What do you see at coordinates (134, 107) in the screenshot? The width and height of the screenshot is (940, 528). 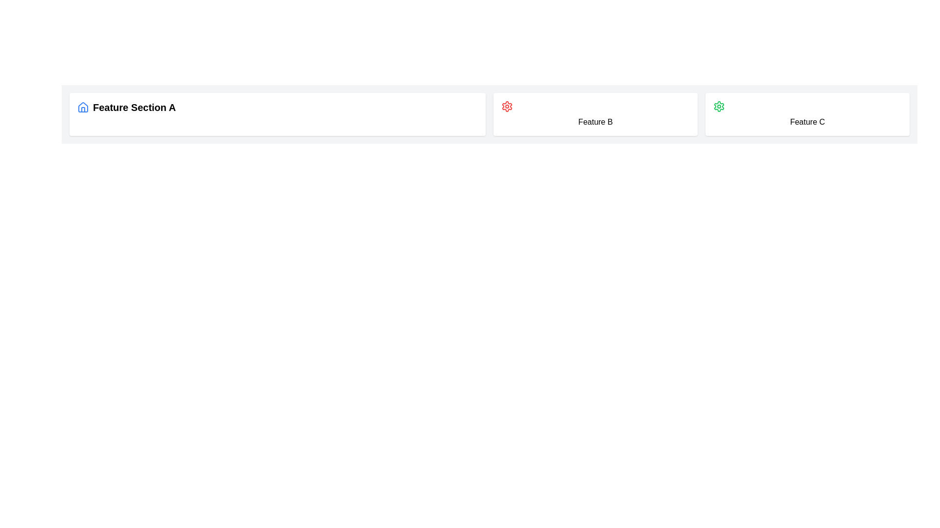 I see `the text label that reads 'Feature Section A', which is styled with a bold font and positioned to the right of a blue home icon` at bounding box center [134, 107].